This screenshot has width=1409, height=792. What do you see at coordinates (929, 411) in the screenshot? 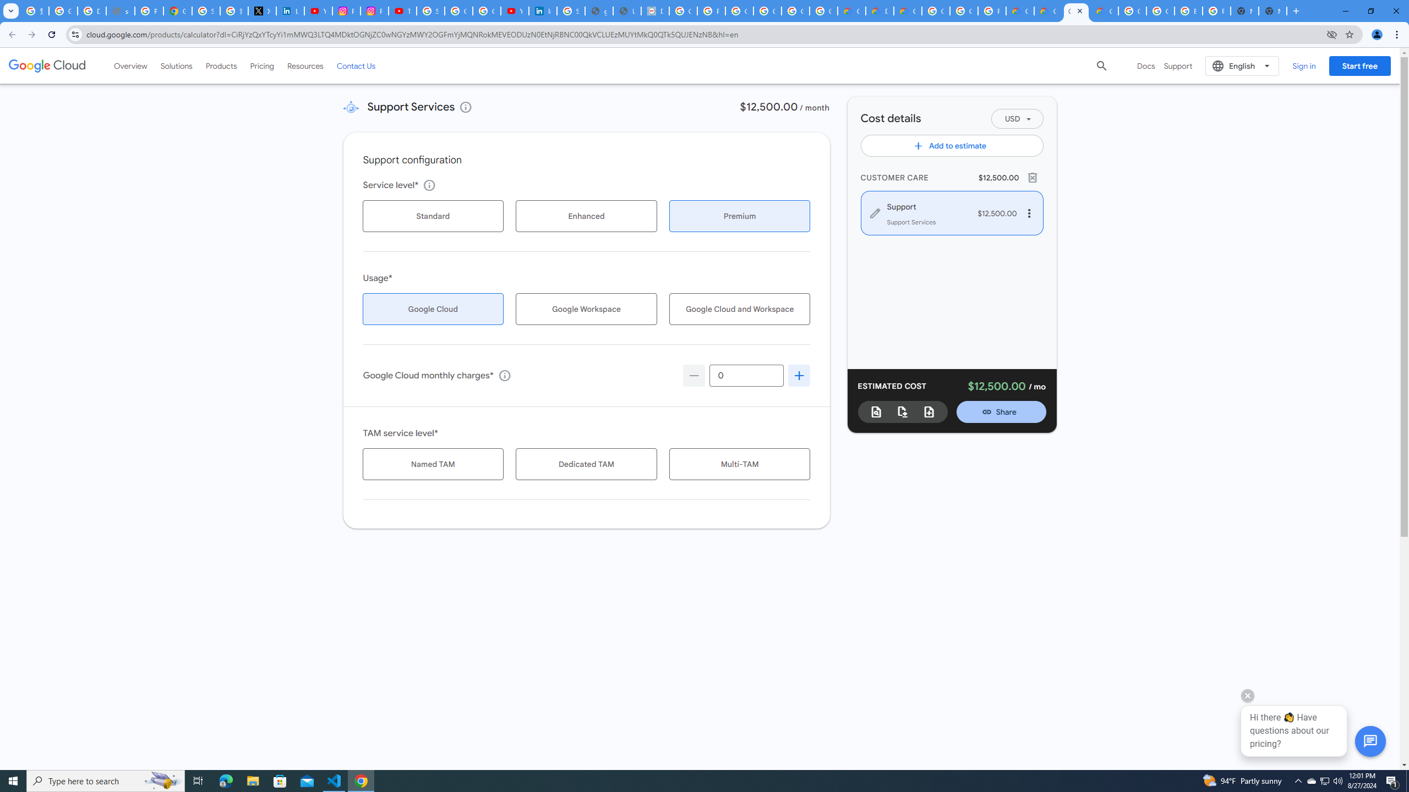
I see `'New estimate from duplicate'` at bounding box center [929, 411].